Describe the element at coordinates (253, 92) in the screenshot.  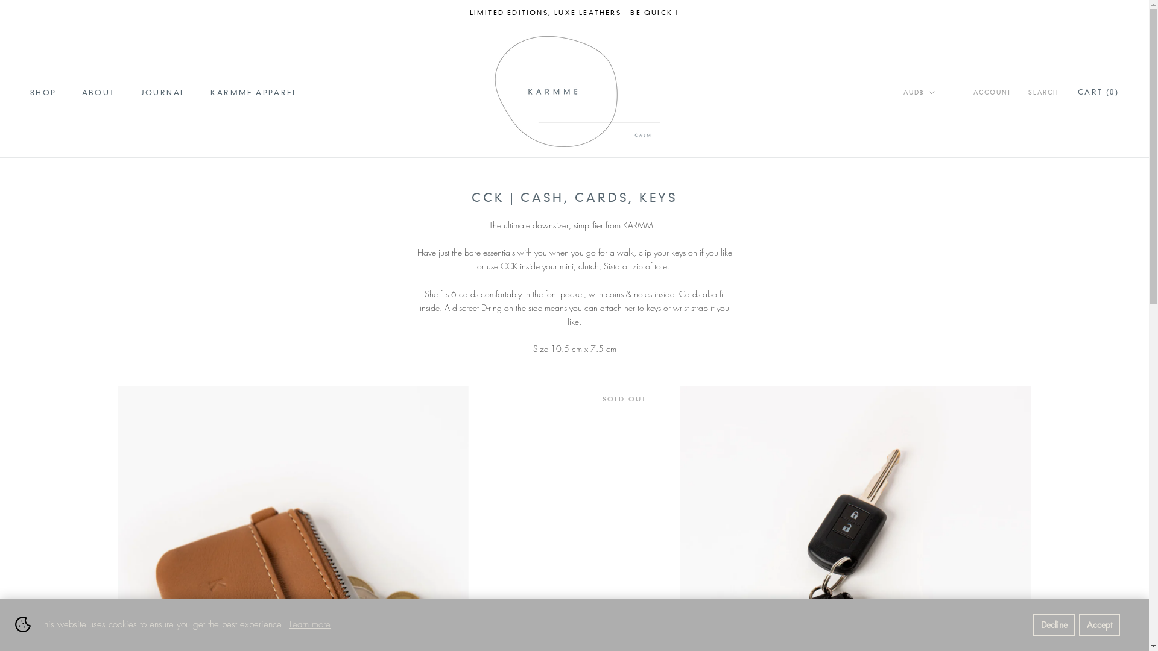
I see `'KARMME APPAREL` at that location.